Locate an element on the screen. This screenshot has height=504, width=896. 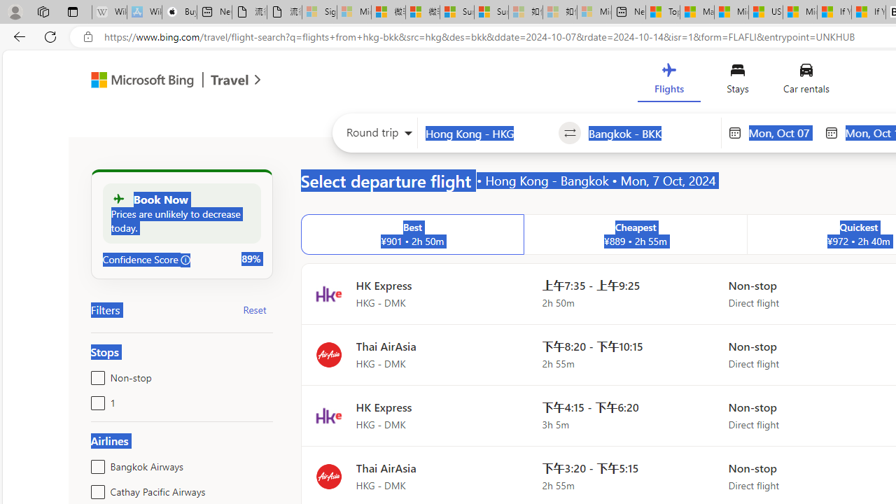
'Microsoft Bing Travel' is located at coordinates (161, 82).